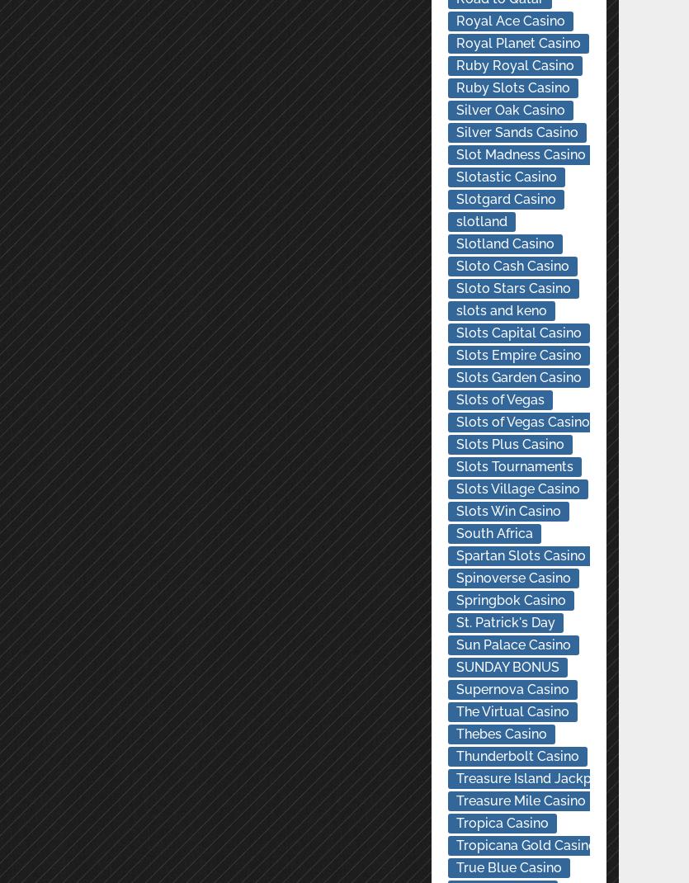  I want to click on 'Treasure Island Jackpot', so click(529, 777).